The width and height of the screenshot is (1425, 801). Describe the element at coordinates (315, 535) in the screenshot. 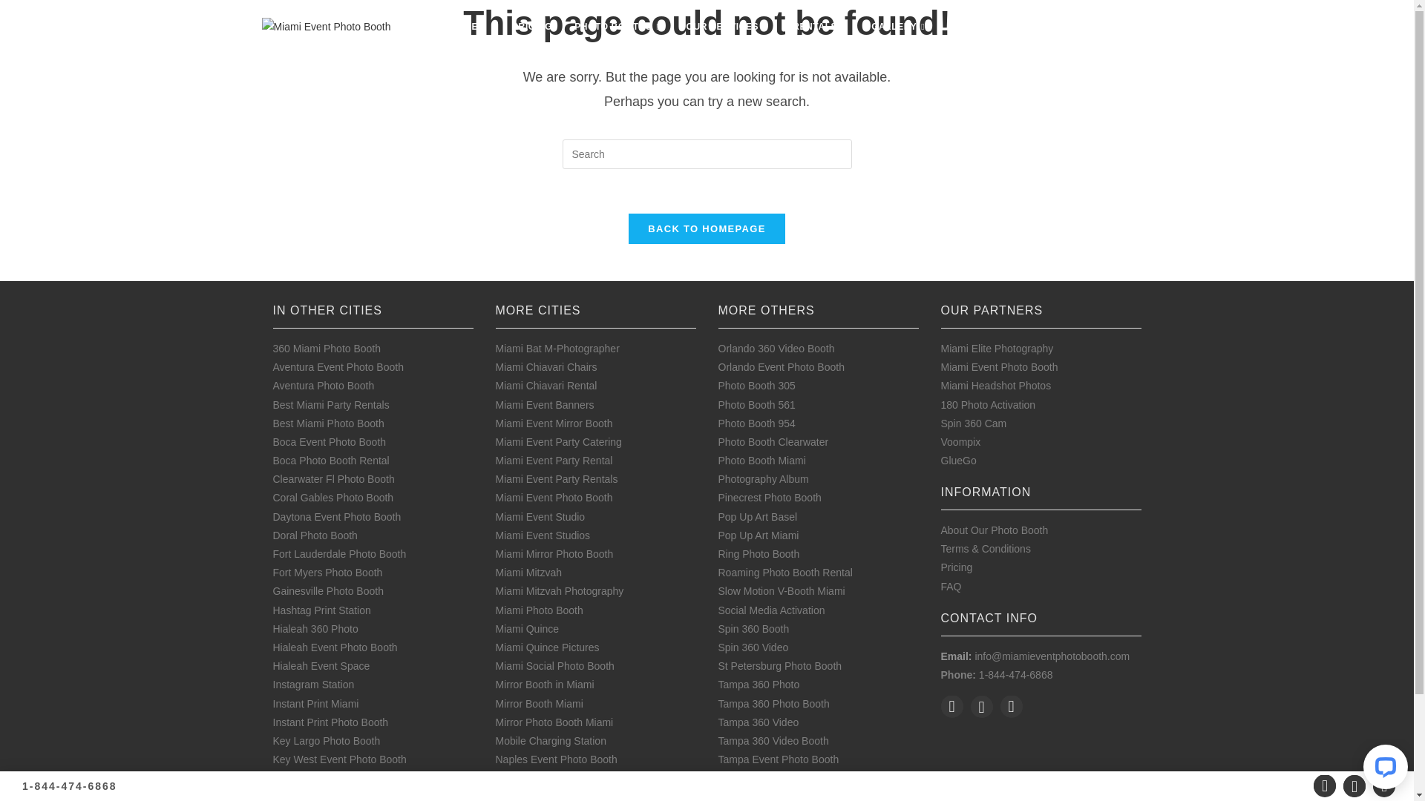

I see `'Doral Photo Booth'` at that location.